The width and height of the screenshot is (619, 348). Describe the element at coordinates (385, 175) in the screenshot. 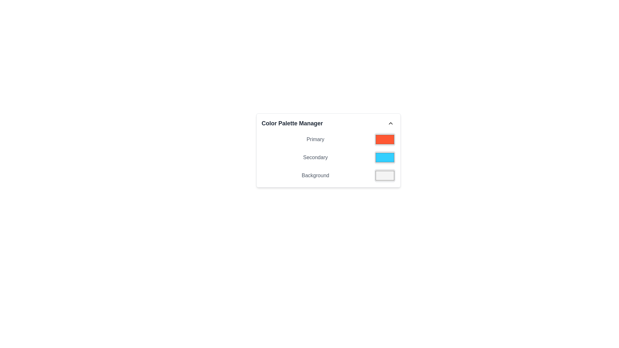

I see `the Color Picker Box, which is a rectangular box with a light gray border and rounded corners` at that location.